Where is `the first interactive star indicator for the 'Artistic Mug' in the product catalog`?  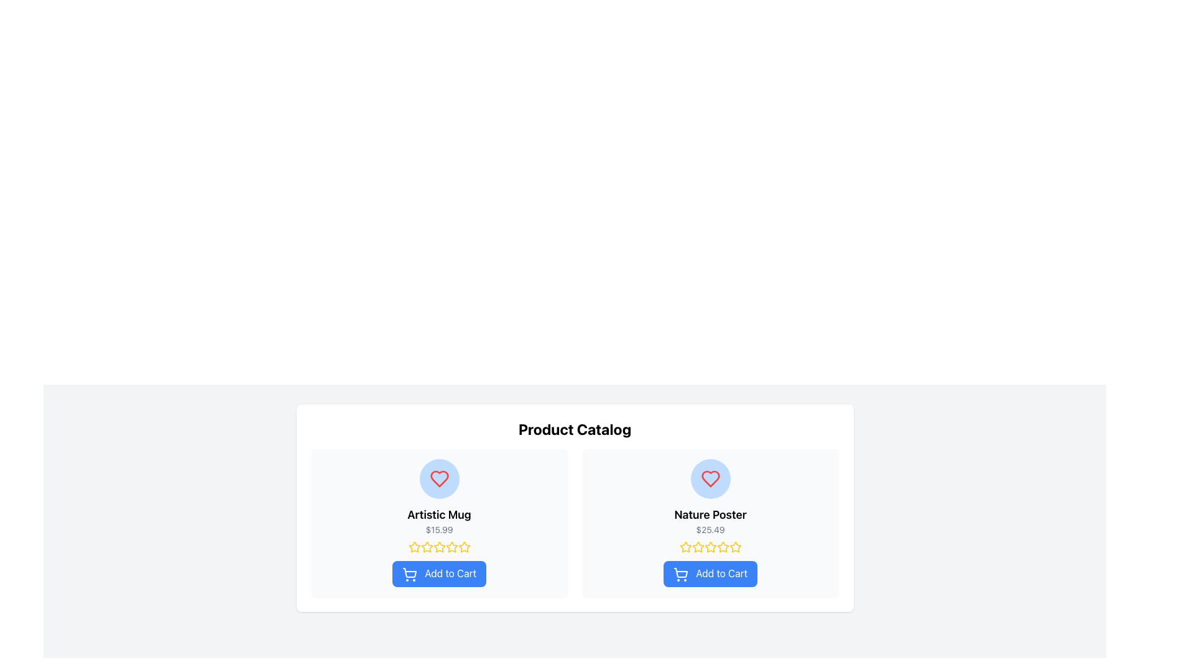 the first interactive star indicator for the 'Artistic Mug' in the product catalog is located at coordinates (427, 546).